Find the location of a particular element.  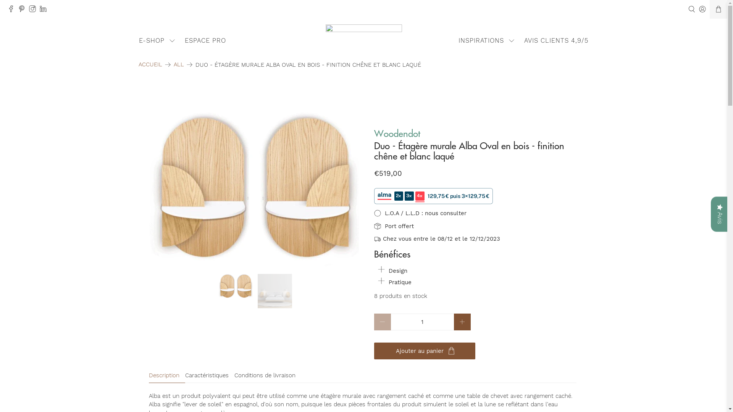

'ACCUEIL' is located at coordinates (138, 64).